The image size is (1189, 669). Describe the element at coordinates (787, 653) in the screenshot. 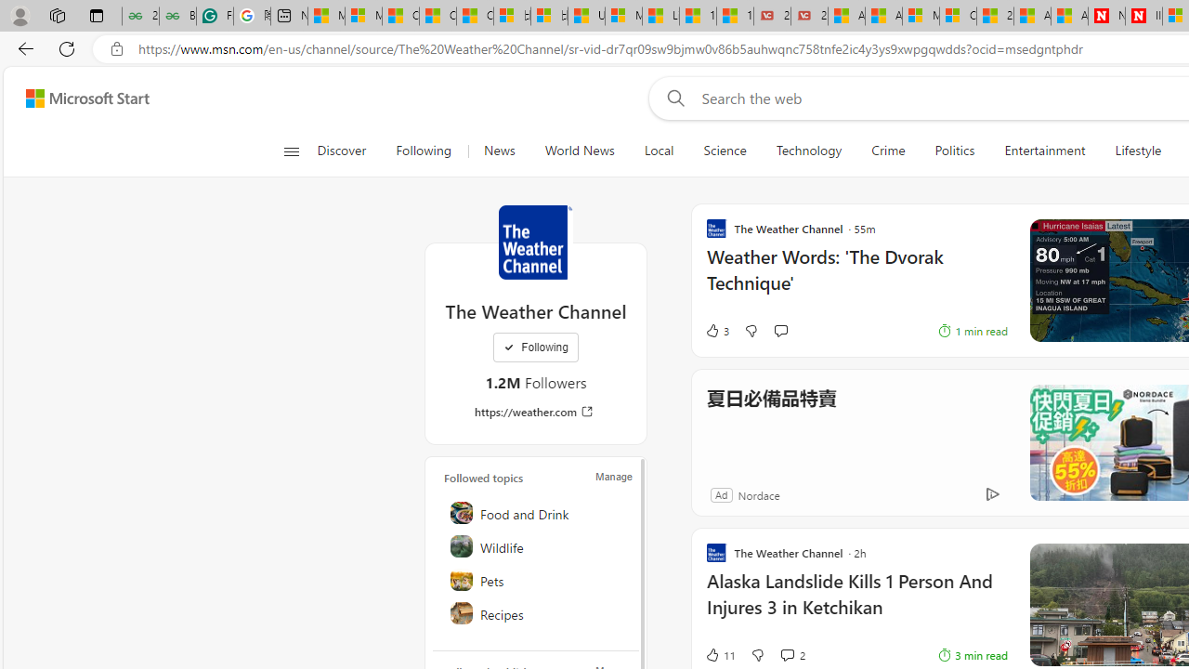

I see `'View comments 2 Comment'` at that location.